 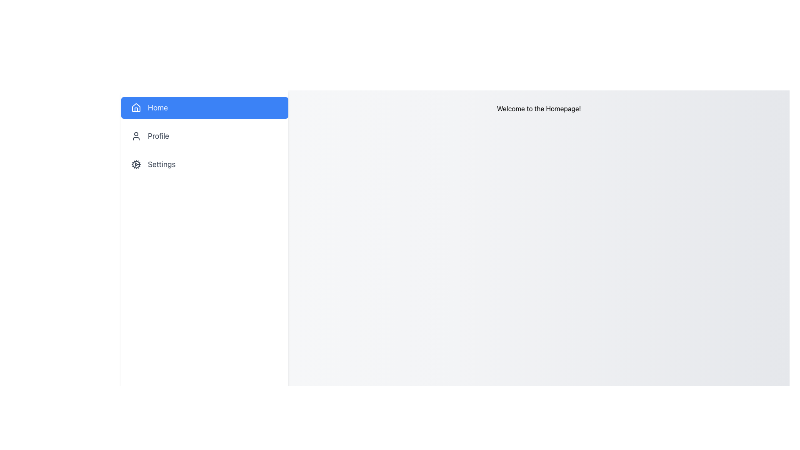 What do you see at coordinates (136, 136) in the screenshot?
I see `the profile icon, which is a user avatar outline located in the left sidebar navigation menu, positioned to the left of the text 'Profile'` at bounding box center [136, 136].